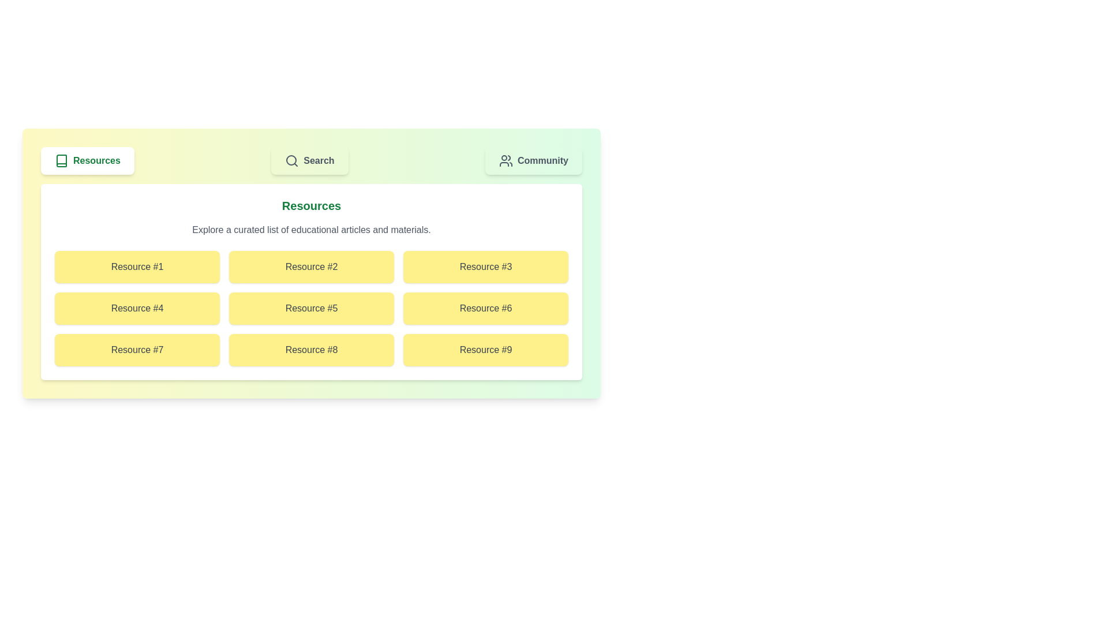 Image resolution: width=1108 pixels, height=623 pixels. Describe the element at coordinates (533, 160) in the screenshot. I see `the Community tab by clicking on its button` at that location.